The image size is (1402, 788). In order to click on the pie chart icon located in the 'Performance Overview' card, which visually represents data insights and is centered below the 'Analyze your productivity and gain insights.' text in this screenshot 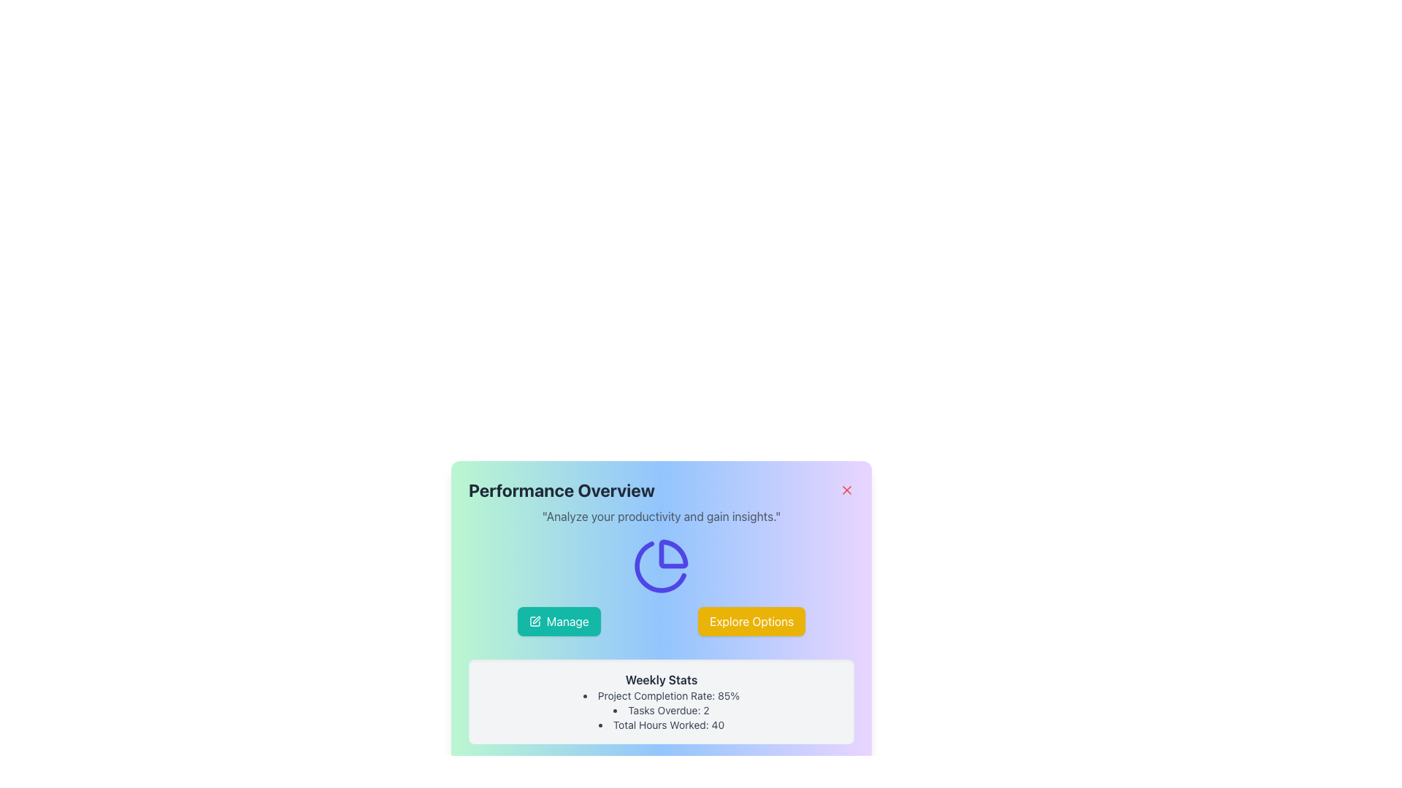, I will do `click(661, 565)`.